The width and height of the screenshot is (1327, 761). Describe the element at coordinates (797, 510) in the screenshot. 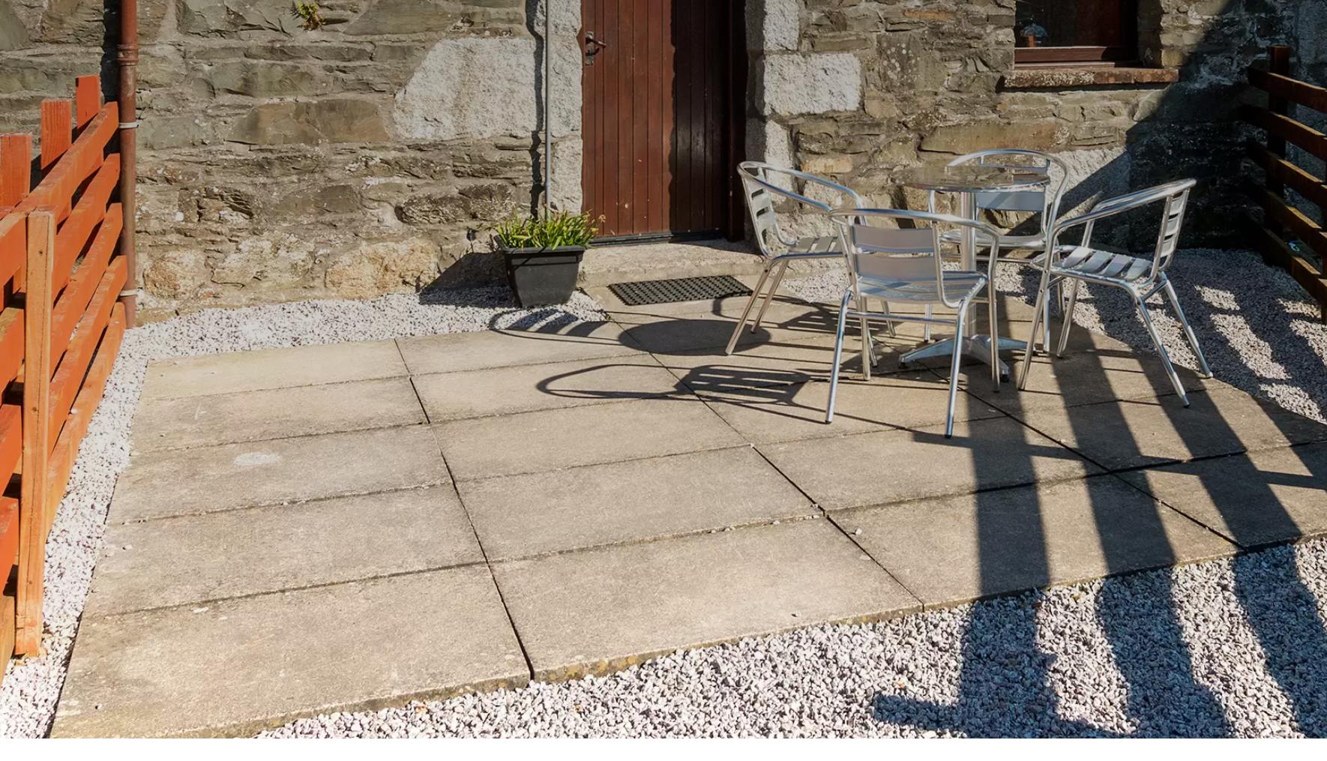

I see `'Blog'` at that location.